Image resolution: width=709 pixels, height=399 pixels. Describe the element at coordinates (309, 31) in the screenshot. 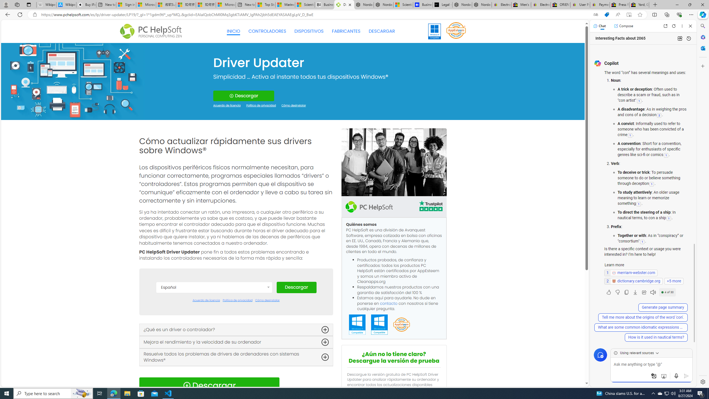

I see `'DISPOSITIVOS'` at that location.